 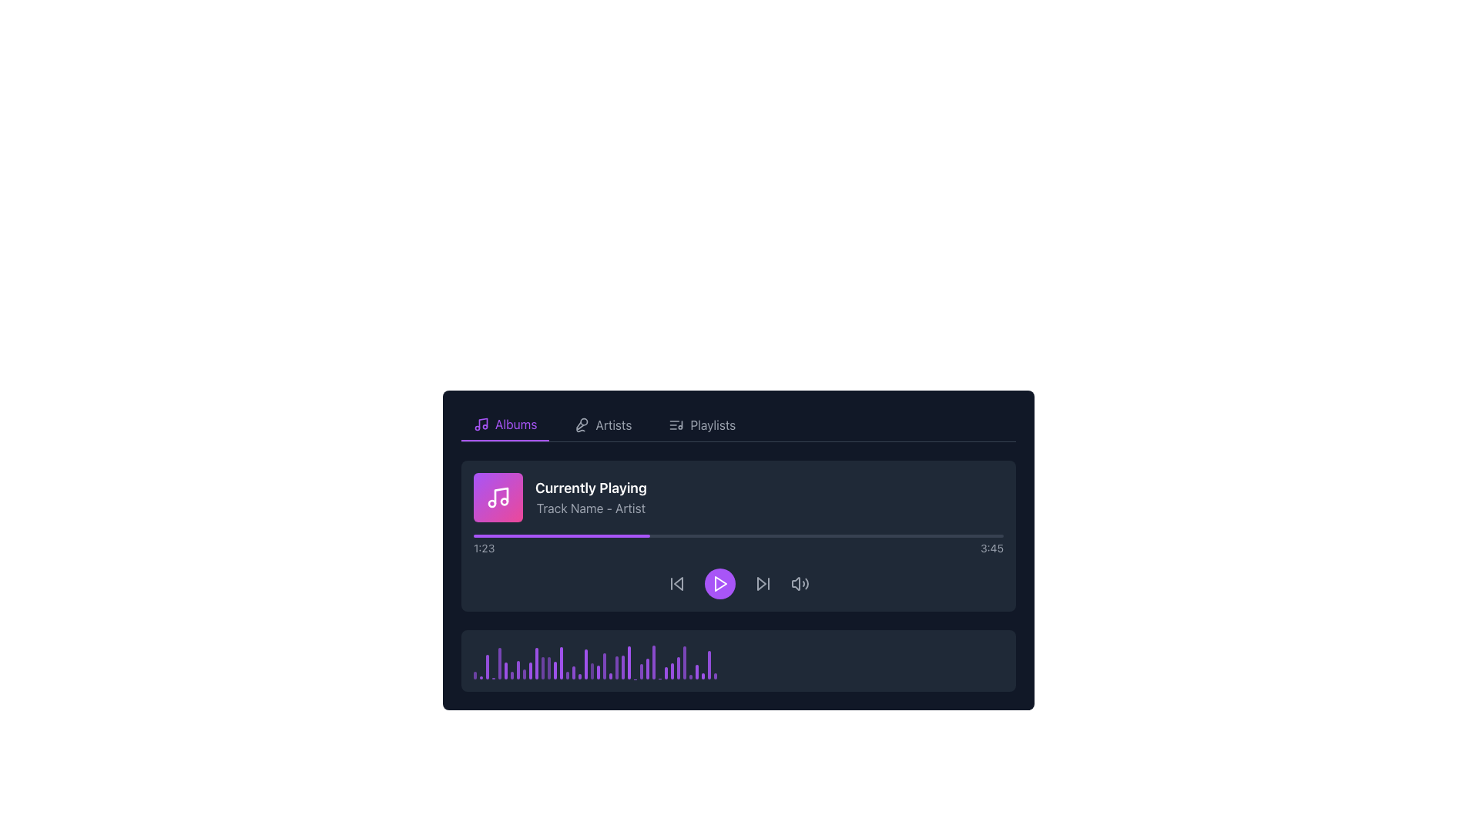 I want to click on the 37th vertical progress bar segment, which is a vivid purple color with a rounded tip, located at the bottom of the player card, so click(x=683, y=662).